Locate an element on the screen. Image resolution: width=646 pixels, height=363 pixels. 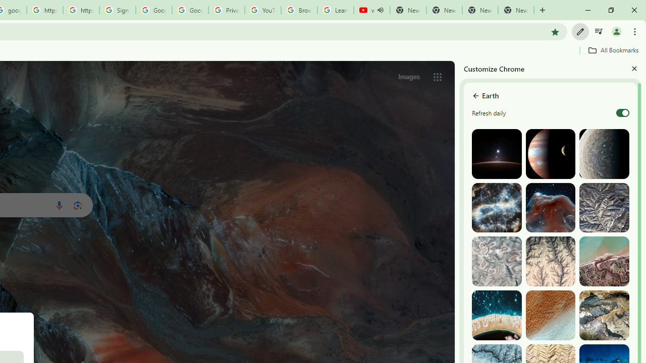
'Nanggroe Aceh Darussalam, Indonesia' is located at coordinates (604, 261).